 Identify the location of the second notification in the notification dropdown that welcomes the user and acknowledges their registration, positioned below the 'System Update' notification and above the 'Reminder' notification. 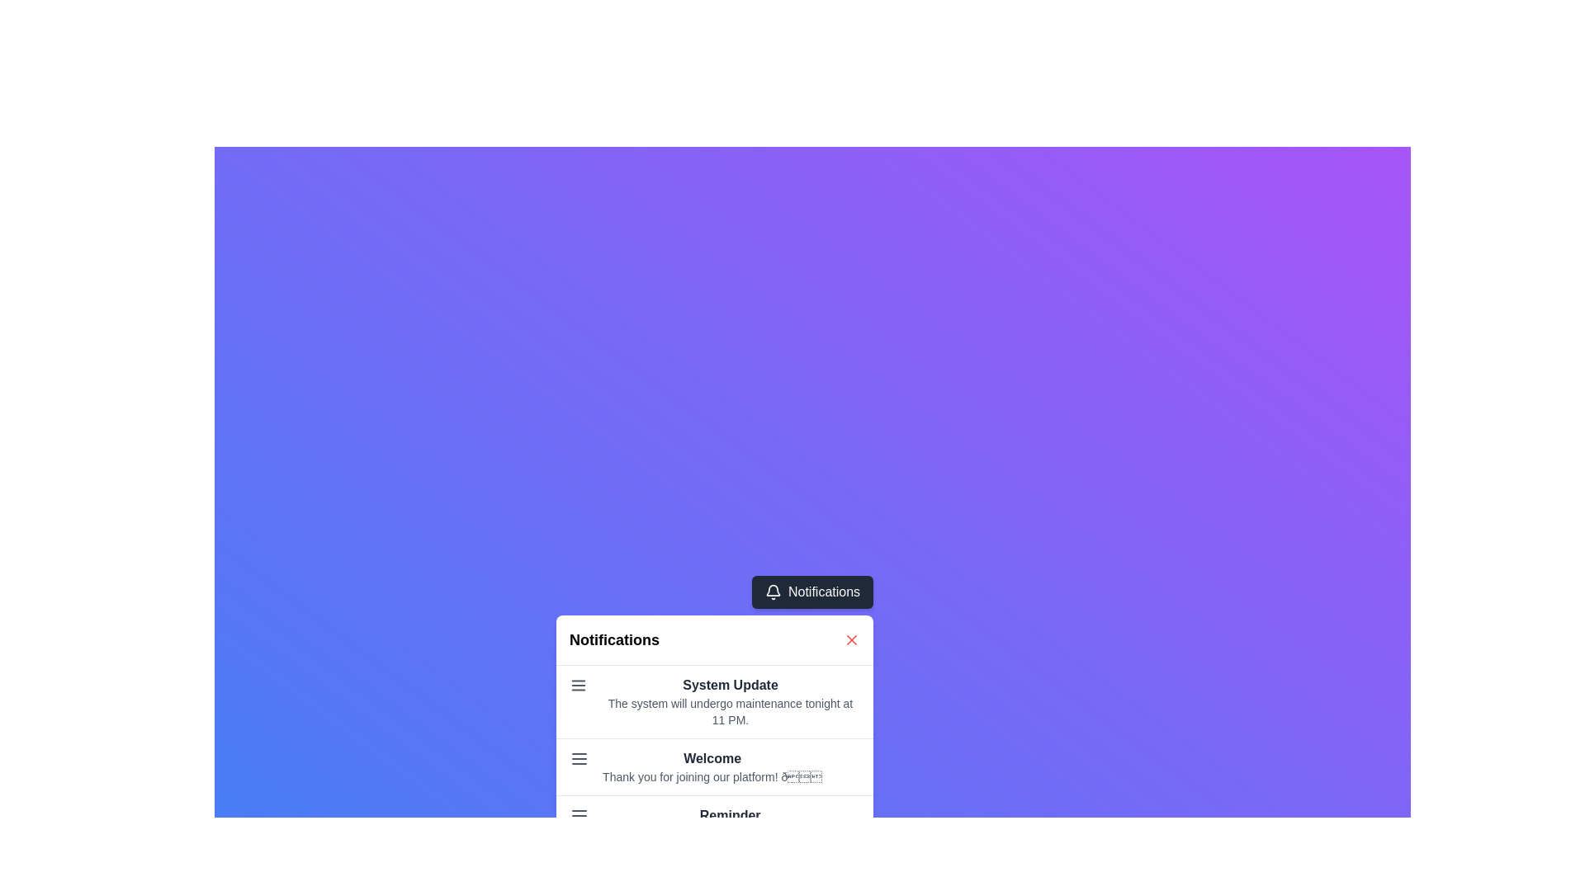
(712, 766).